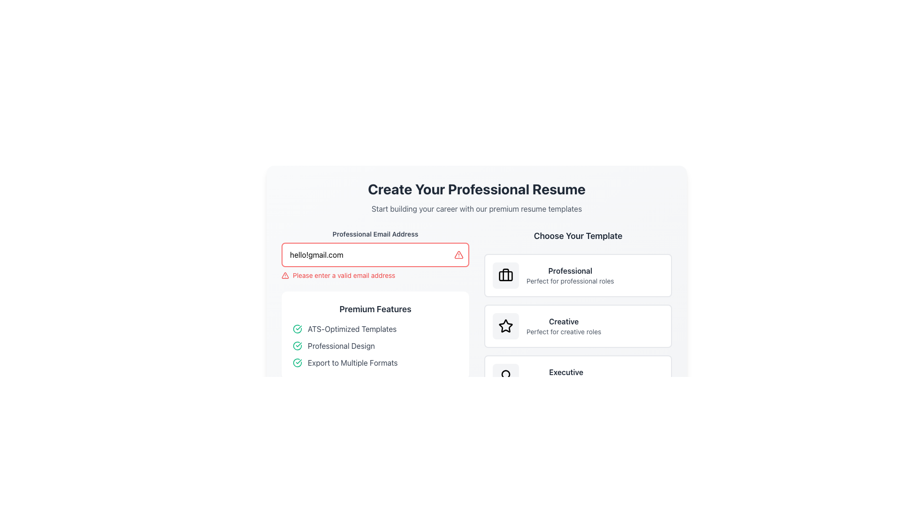 This screenshot has width=901, height=507. I want to click on the 'Professional' briefcase icon located on the right side of the interface, which represents the template option, so click(505, 275).